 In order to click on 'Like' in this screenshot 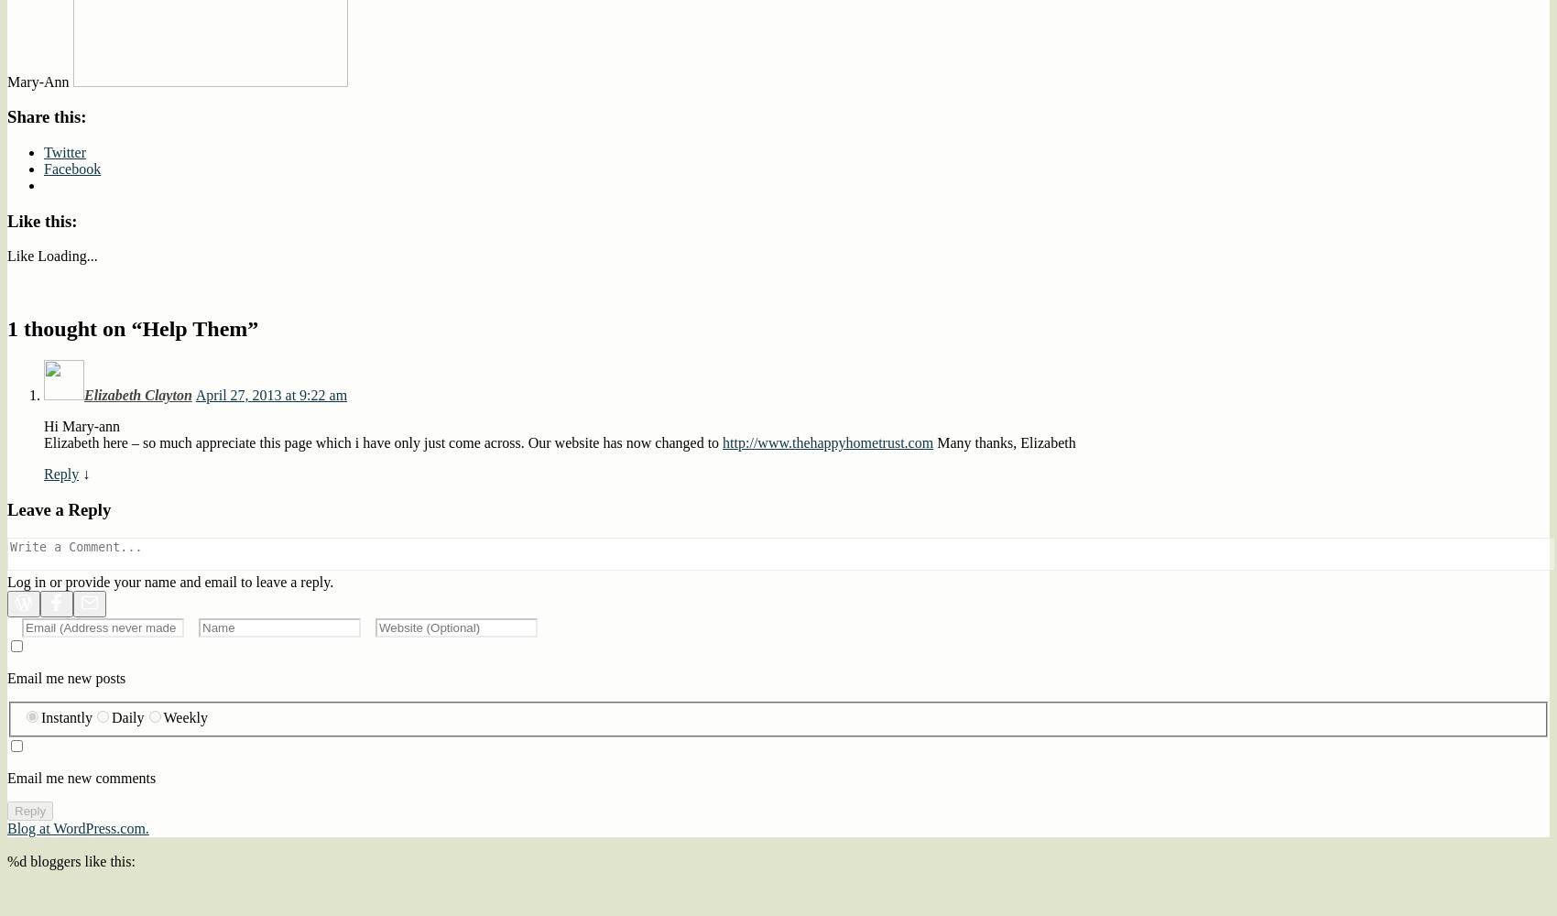, I will do `click(6, 256)`.